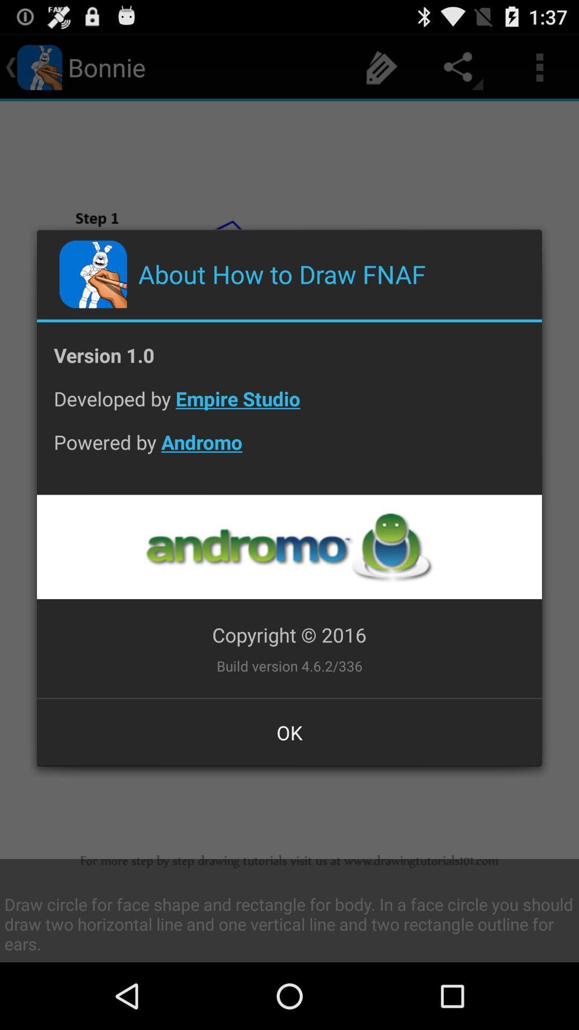 The height and width of the screenshot is (1030, 579). I want to click on ok button, so click(289, 732).